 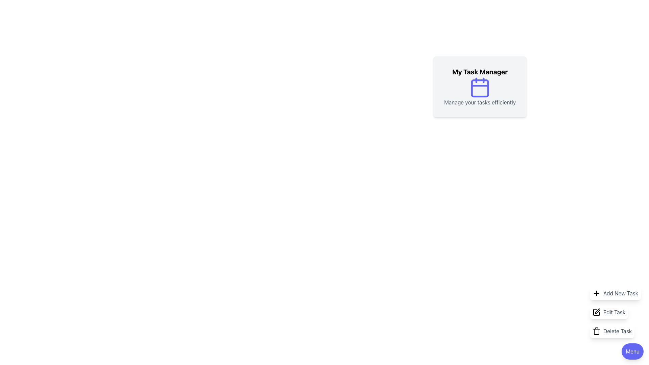 What do you see at coordinates (615, 312) in the screenshot?
I see `the edit task button located at the bottom-right area of the viewport` at bounding box center [615, 312].